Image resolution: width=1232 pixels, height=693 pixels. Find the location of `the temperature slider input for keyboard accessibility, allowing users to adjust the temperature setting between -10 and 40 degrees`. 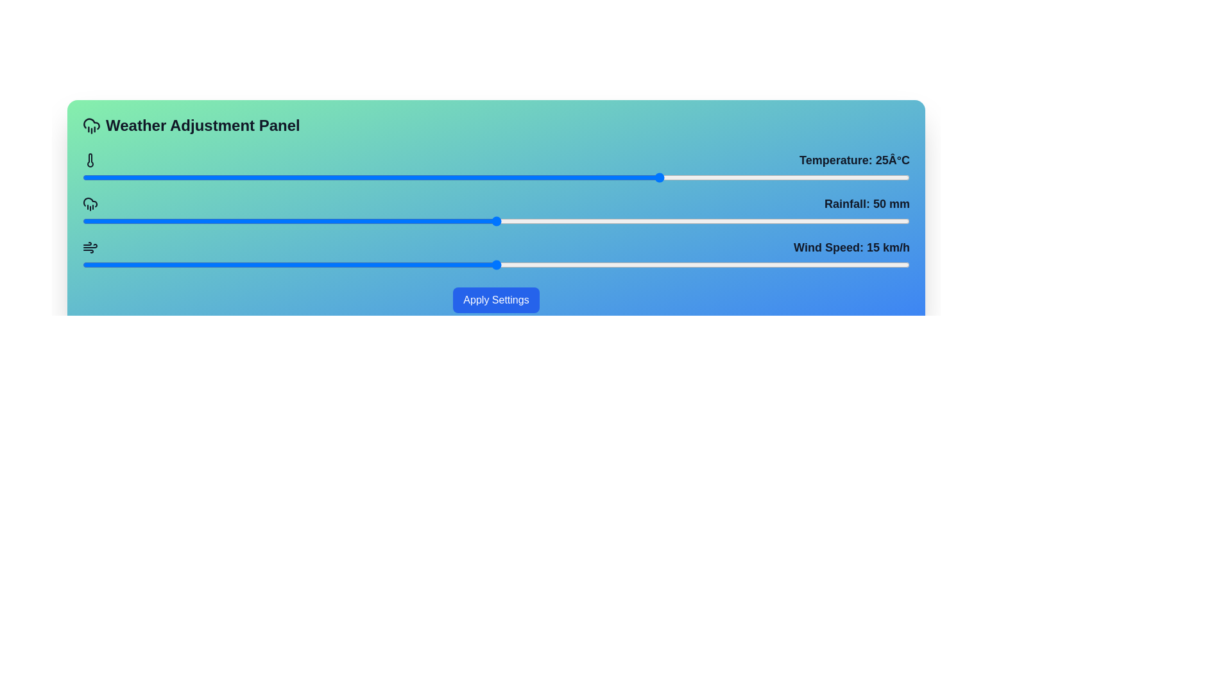

the temperature slider input for keyboard accessibility, allowing users to adjust the temperature setting between -10 and 40 degrees is located at coordinates (495, 178).